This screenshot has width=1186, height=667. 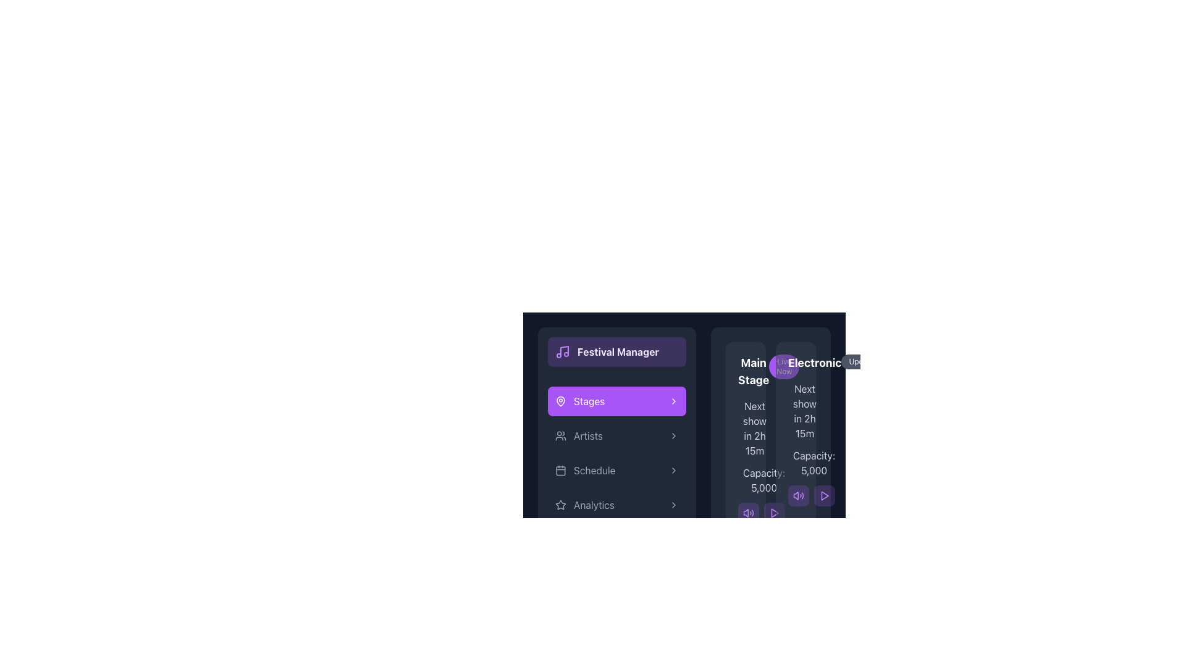 I want to click on the decorative SVG circle component that represents the outer frame of the clock icon located within the 'Main Stage' card under the upcoming events section, so click(x=744, y=430).